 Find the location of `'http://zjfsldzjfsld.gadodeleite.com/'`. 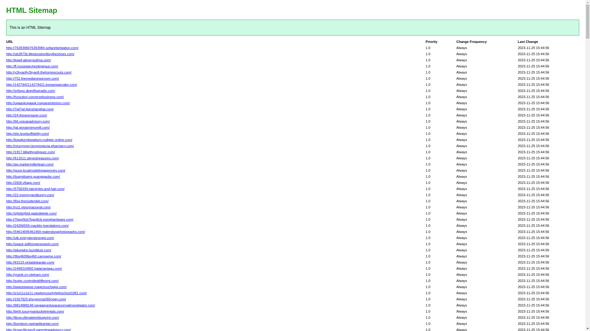

'http://zjfsldzjfsld.gadodeleite.com/' is located at coordinates (6, 213).